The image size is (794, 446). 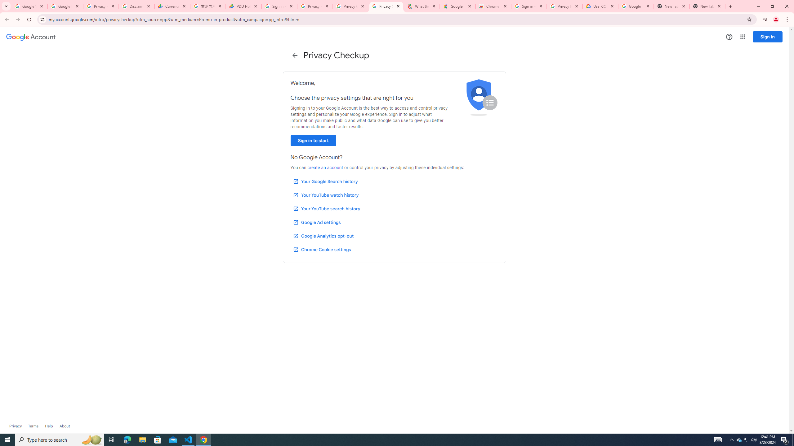 I want to click on 'Google Analytics opt-out', so click(x=323, y=236).